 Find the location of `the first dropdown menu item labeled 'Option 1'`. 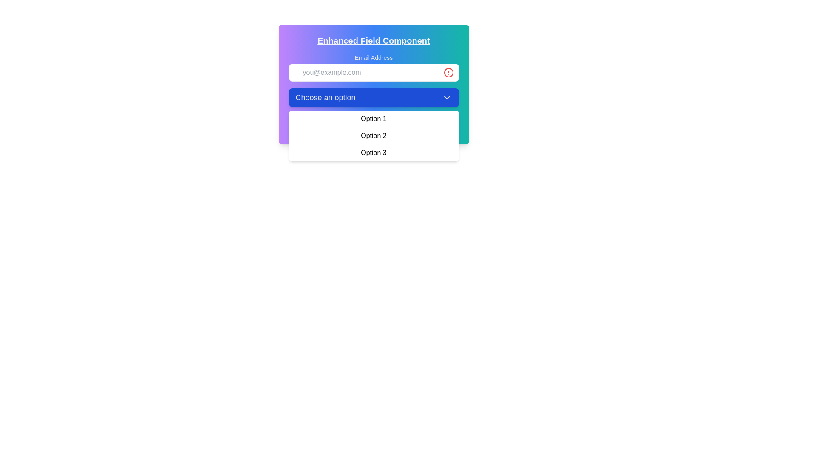

the first dropdown menu item labeled 'Option 1' is located at coordinates (374, 119).